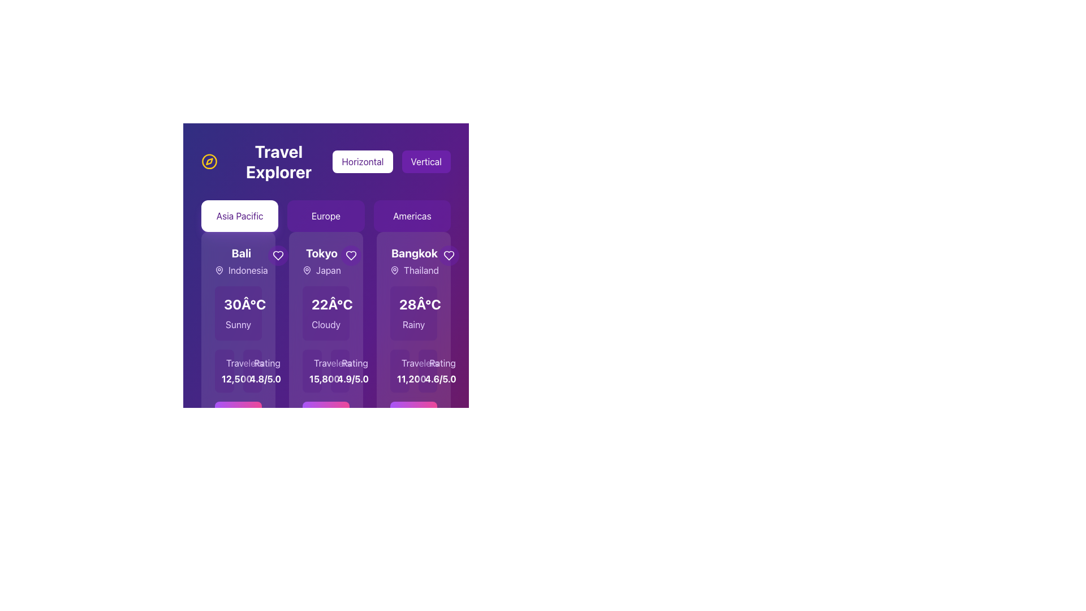  Describe the element at coordinates (238, 325) in the screenshot. I see `the weather condition text label located within the rounded rectangle card for 'Bali', positioned below the temperature display '30°C'` at that location.